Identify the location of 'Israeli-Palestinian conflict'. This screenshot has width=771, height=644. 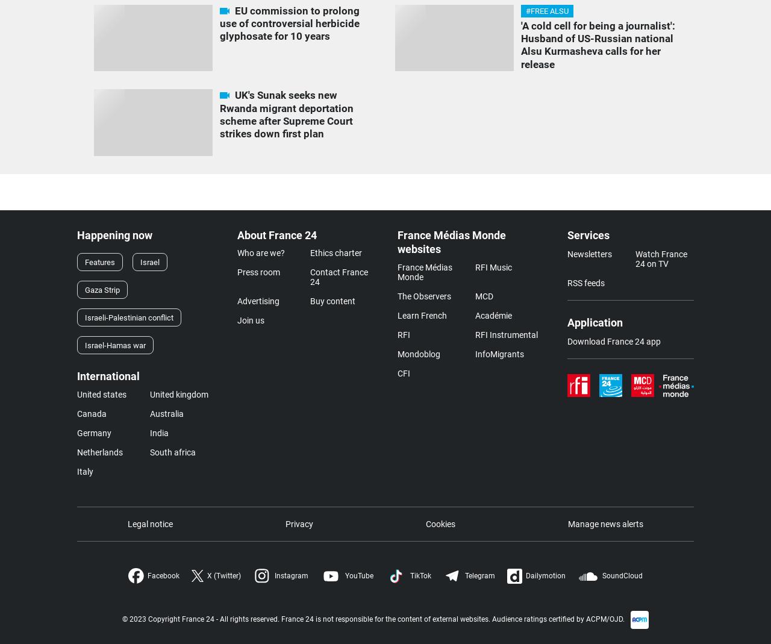
(129, 316).